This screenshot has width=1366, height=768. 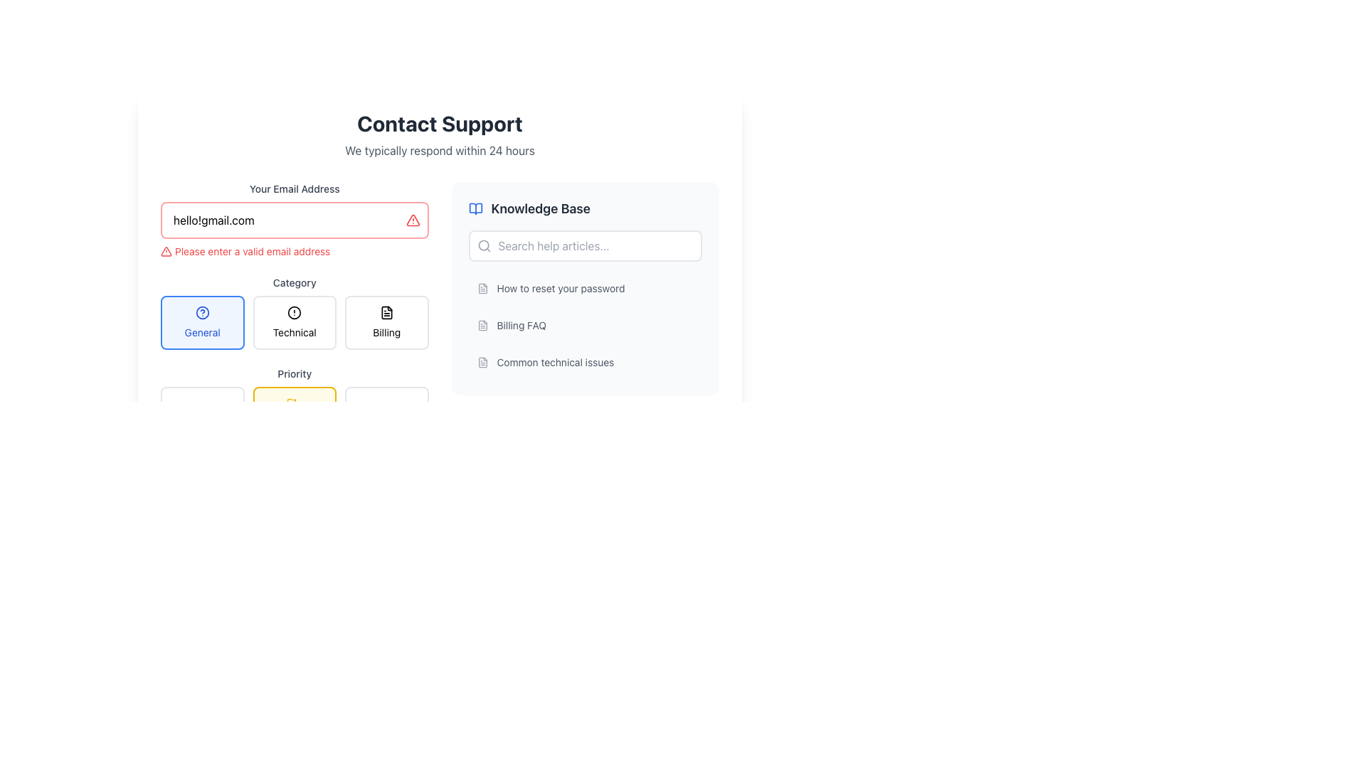 What do you see at coordinates (291, 402) in the screenshot?
I see `the decorative SVG icon representing a flag, which is part of a larger graphic and located to the right of a vertical stroke` at bounding box center [291, 402].